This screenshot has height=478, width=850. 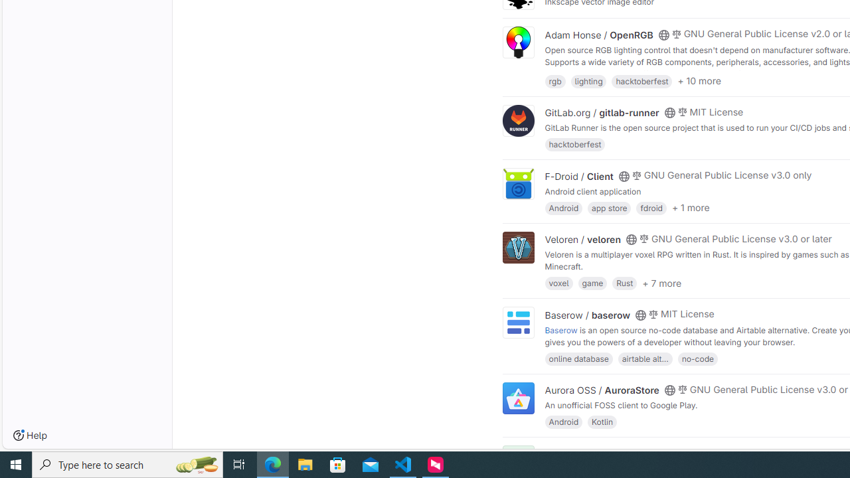 What do you see at coordinates (588, 80) in the screenshot?
I see `'lighting'` at bounding box center [588, 80].